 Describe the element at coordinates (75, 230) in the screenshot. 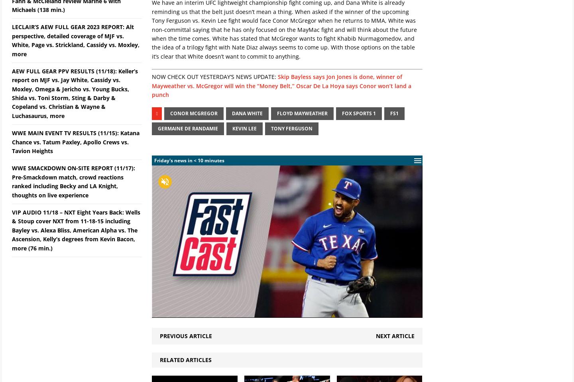

I see `'VIP AUDIO 11/18 – NXT Eight Years Back: Wells & Stoup cover NXT from 11-18-15 including Bayley vs. Alexa Bliss, American Alpha vs. The Ascension, Kelly’s degrees from Kevin Bacon, more (76 min.)'` at that location.